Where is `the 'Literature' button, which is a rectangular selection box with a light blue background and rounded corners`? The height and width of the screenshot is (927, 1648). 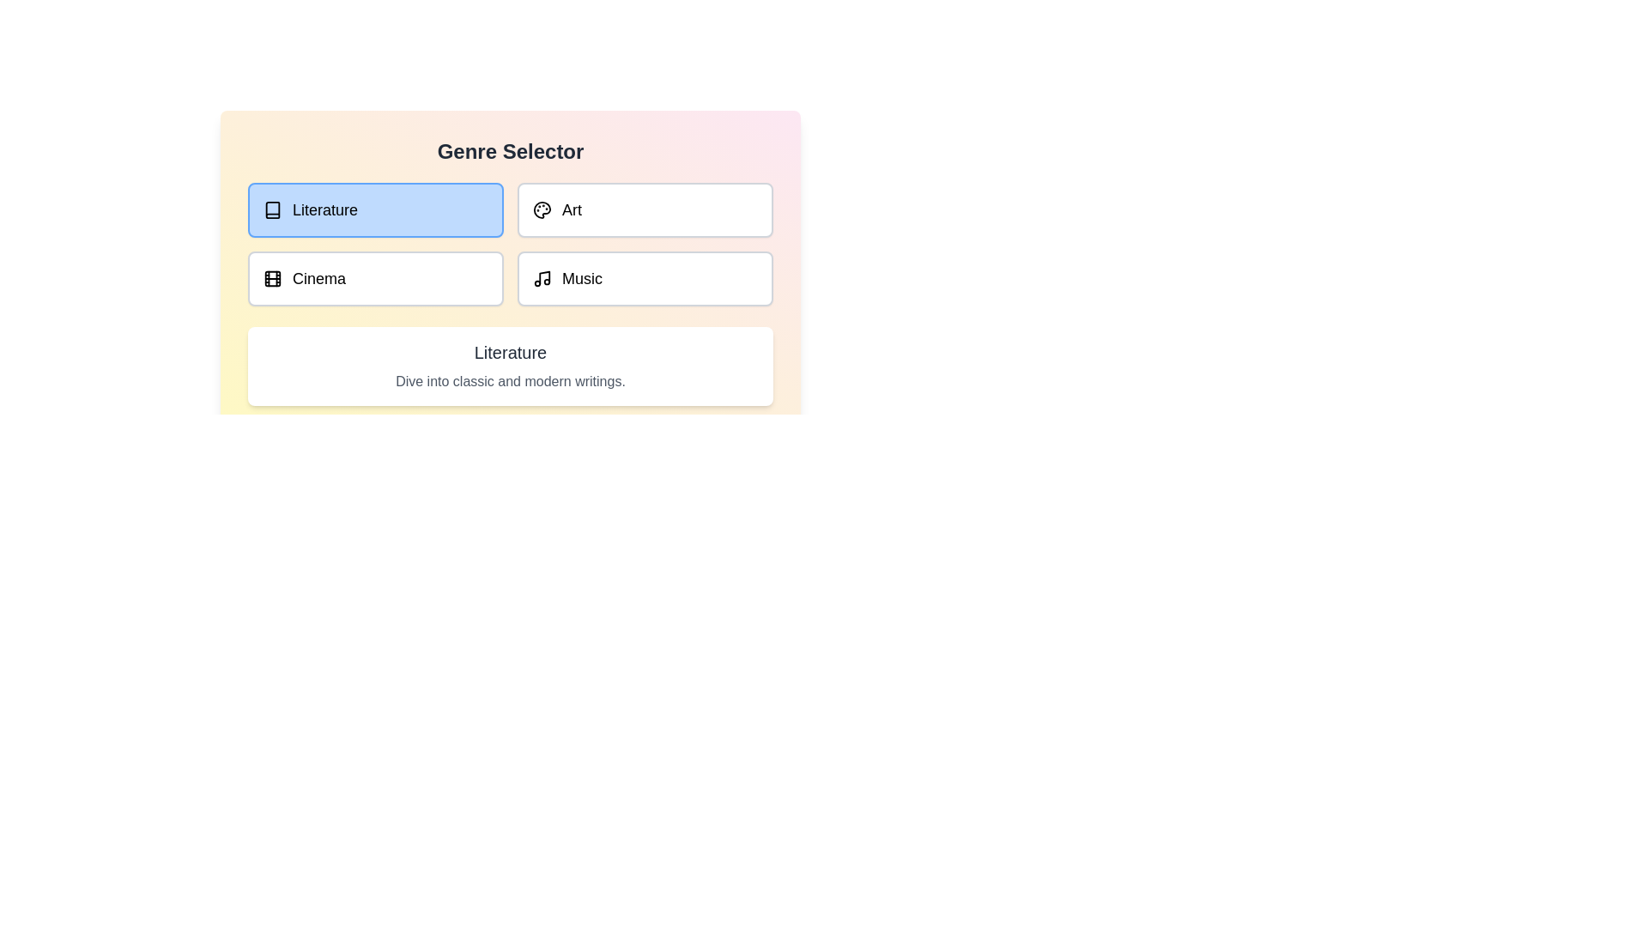
the 'Literature' button, which is a rectangular selection box with a light blue background and rounded corners is located at coordinates (374, 209).